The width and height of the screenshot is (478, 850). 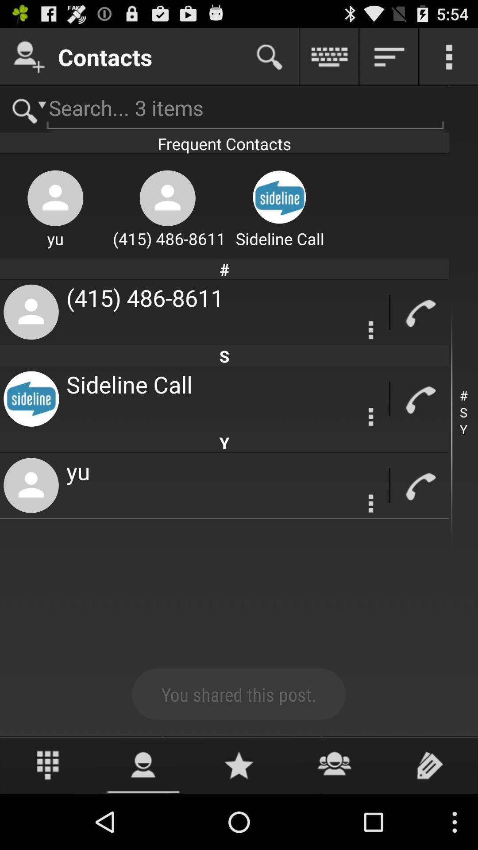 I want to click on contacts button, so click(x=28, y=56).